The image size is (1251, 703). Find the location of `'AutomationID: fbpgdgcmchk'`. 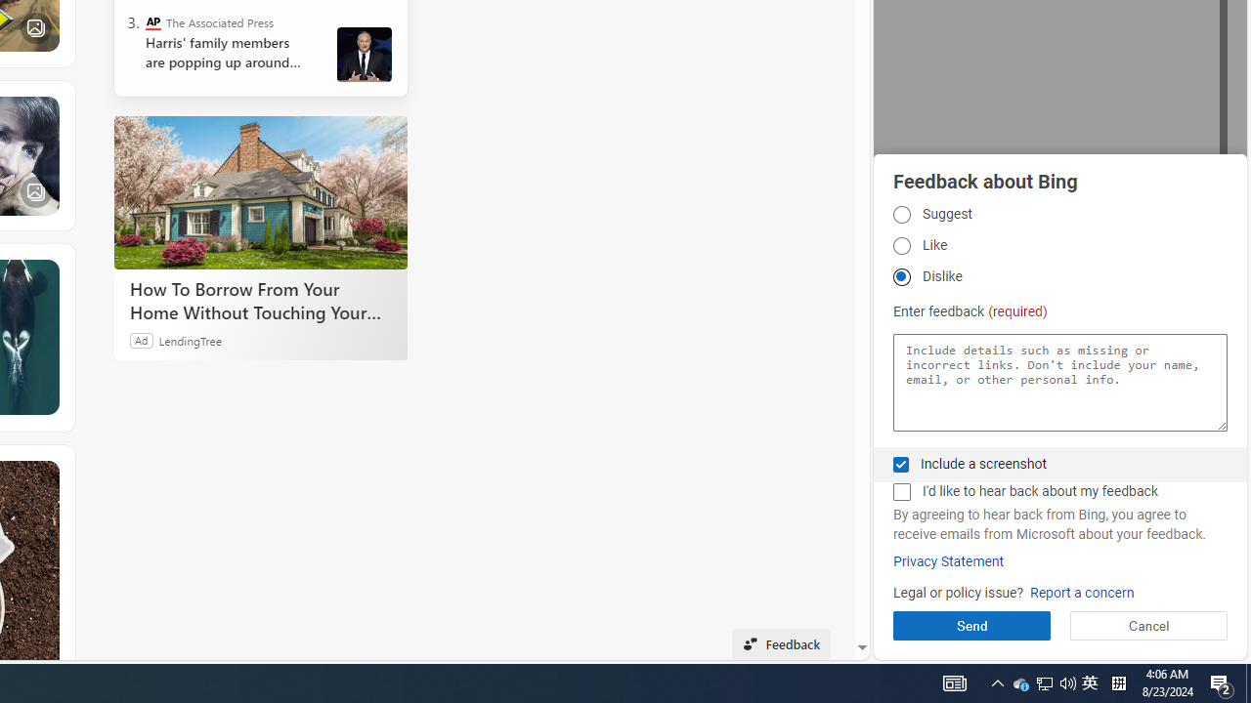

'AutomationID: fbpgdgcmchk' is located at coordinates (900, 490).